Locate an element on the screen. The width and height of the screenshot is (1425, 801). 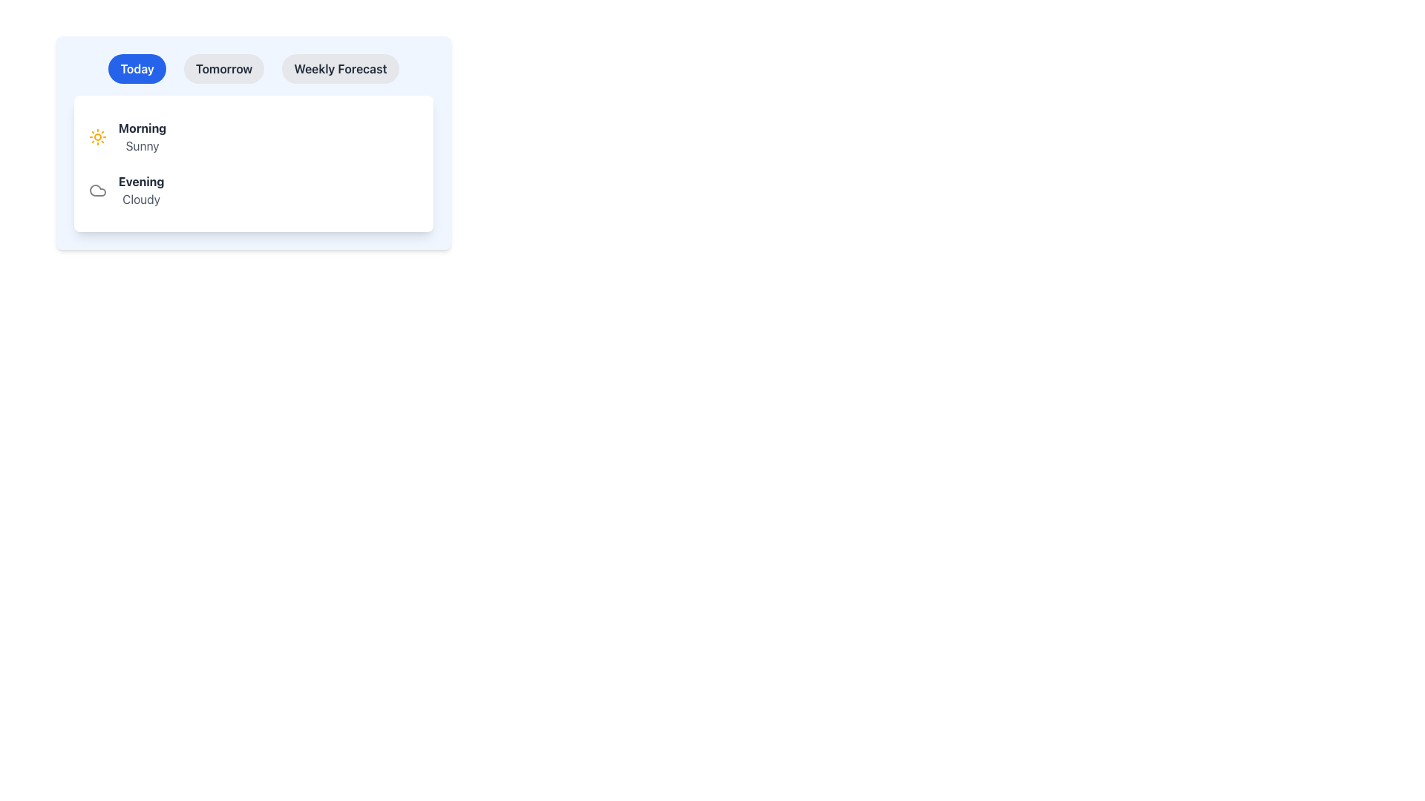
the 'Morning' and 'Sunny' text label in the 'Today' section, which is the first element in a vertical list, centrally positioned with an orange sun icon to the left is located at coordinates (142, 137).